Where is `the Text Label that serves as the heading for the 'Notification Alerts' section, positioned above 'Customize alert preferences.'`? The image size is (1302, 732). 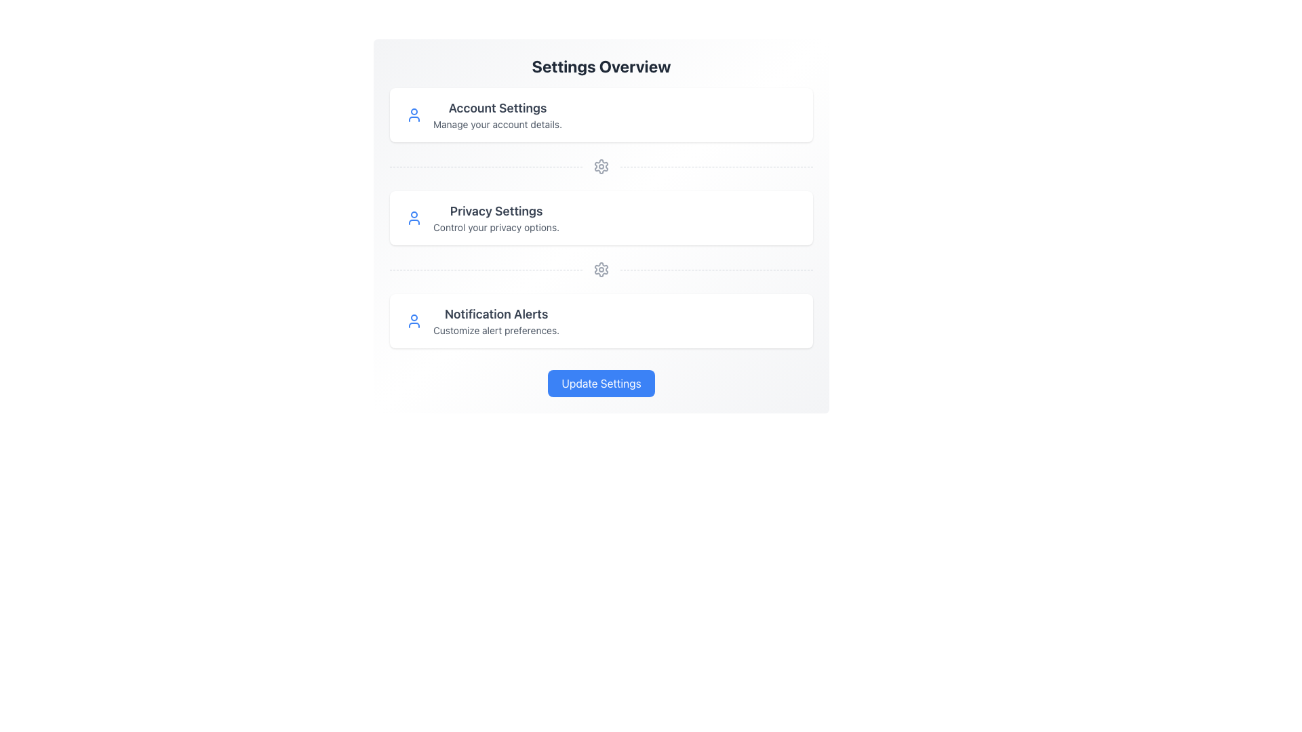 the Text Label that serves as the heading for the 'Notification Alerts' section, positioned above 'Customize alert preferences.' is located at coordinates (496, 314).